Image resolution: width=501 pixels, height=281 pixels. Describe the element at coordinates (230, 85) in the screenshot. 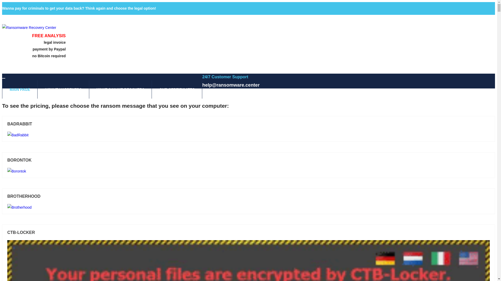

I see `'help@ransomware.center'` at that location.